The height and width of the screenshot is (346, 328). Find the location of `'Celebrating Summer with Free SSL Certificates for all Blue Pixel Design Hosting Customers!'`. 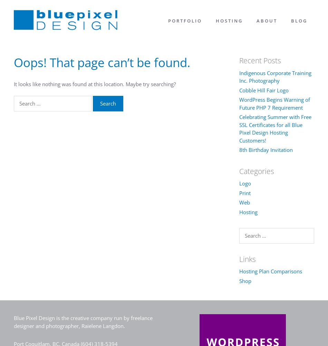

'Celebrating Summer with Free SSL Certificates for all Blue Pixel Design Hosting Customers!' is located at coordinates (274, 128).